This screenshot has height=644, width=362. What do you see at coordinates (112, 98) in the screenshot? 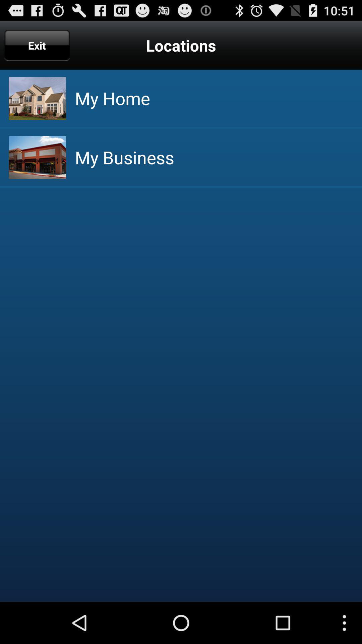
I see `the my home icon` at bounding box center [112, 98].